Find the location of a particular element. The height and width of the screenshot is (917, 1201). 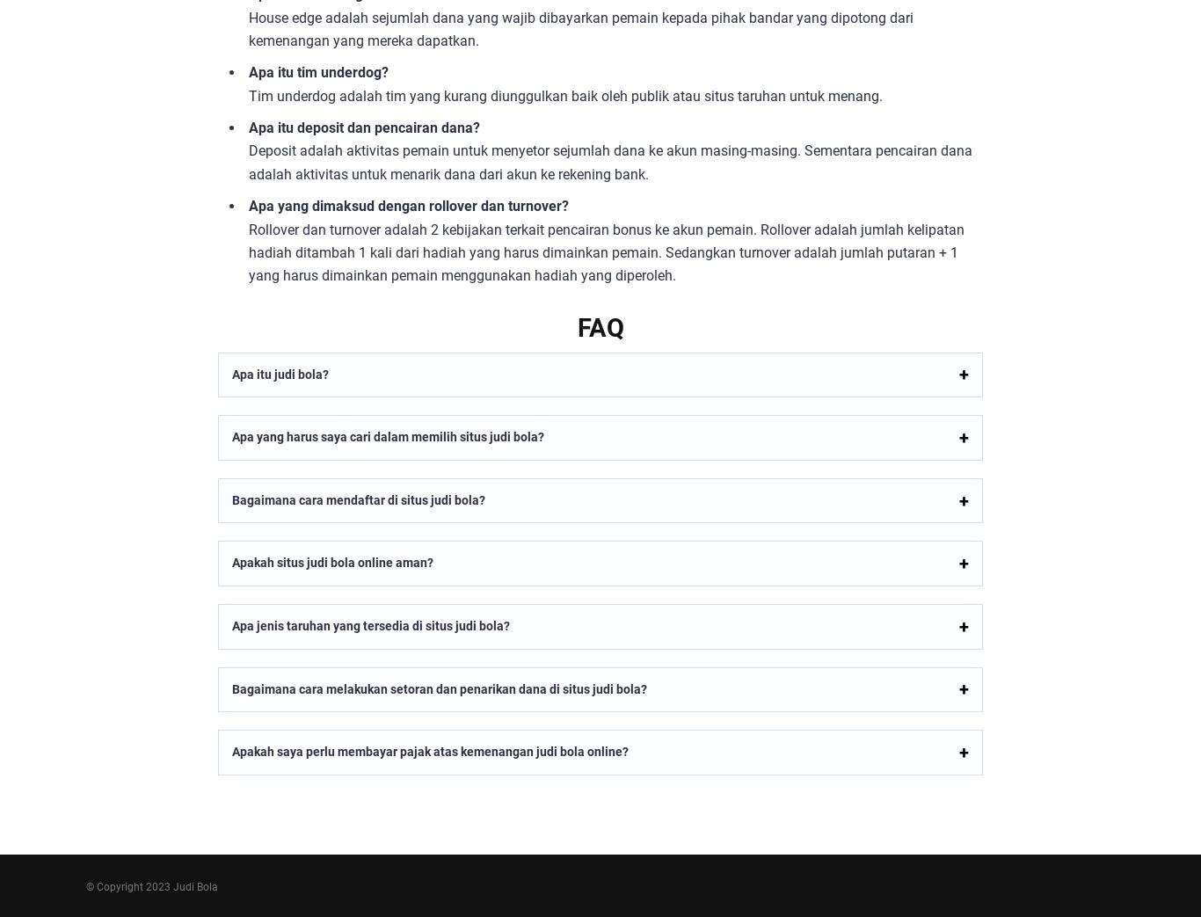

'Apa itu judi bola?' is located at coordinates (280, 374).